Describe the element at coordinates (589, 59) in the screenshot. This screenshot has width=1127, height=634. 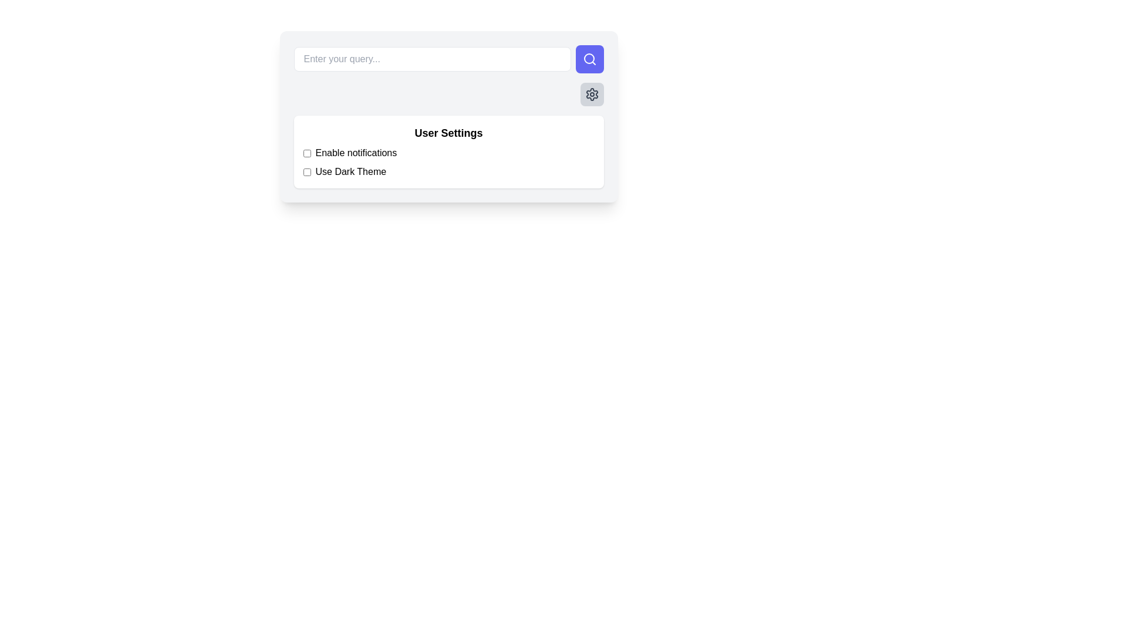
I see `the circular part of the magnifying glass icon, which is the central element of the search icon located in the top-right corner of the interface` at that location.